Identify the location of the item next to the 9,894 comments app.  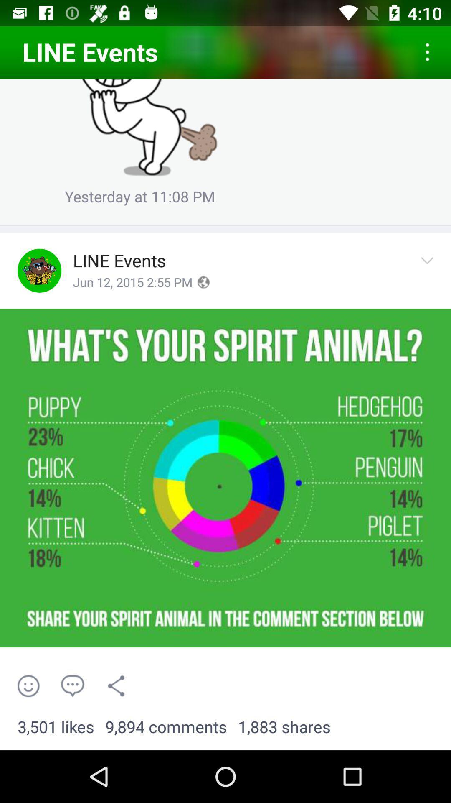
(56, 727).